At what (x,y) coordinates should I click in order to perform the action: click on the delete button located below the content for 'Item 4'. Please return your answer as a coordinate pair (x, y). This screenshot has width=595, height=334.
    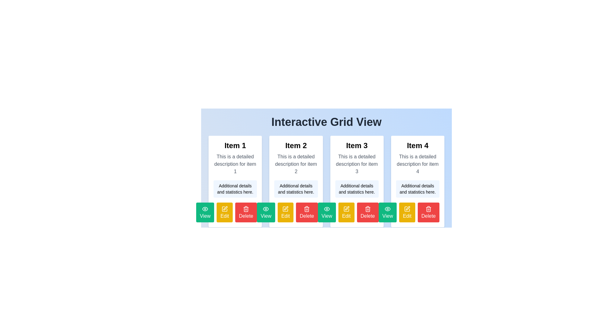
    Looking at the image, I should click on (428, 212).